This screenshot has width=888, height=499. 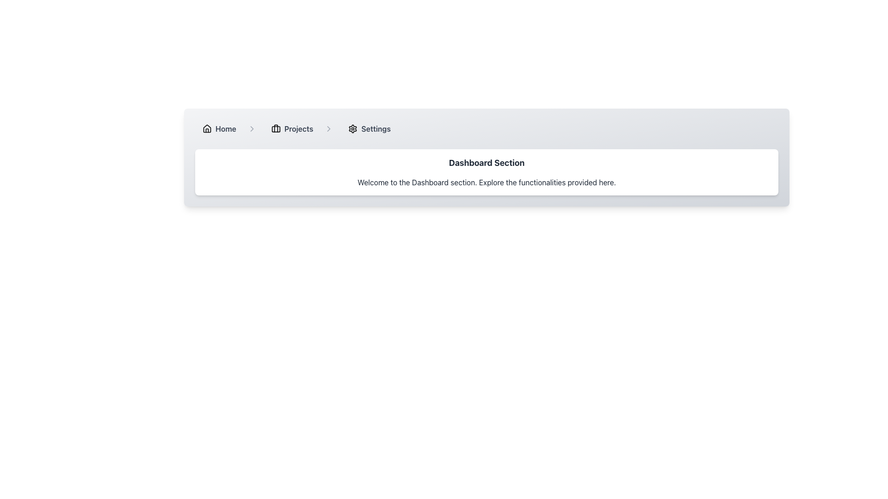 I want to click on the 'Projects' breadcrumb link located centrally in the breadcrumb navigation bar, positioned between 'Home' and 'Settings', so click(x=299, y=128).